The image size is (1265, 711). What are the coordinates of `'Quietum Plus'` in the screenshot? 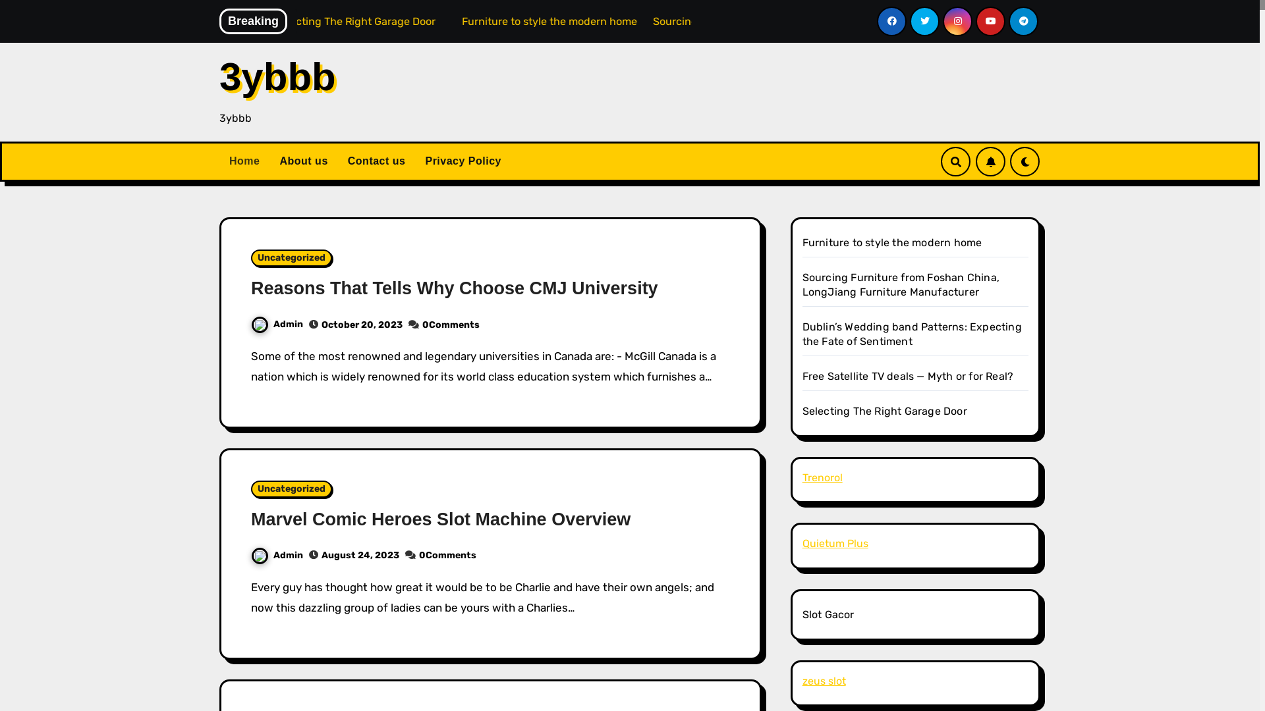 It's located at (834, 543).